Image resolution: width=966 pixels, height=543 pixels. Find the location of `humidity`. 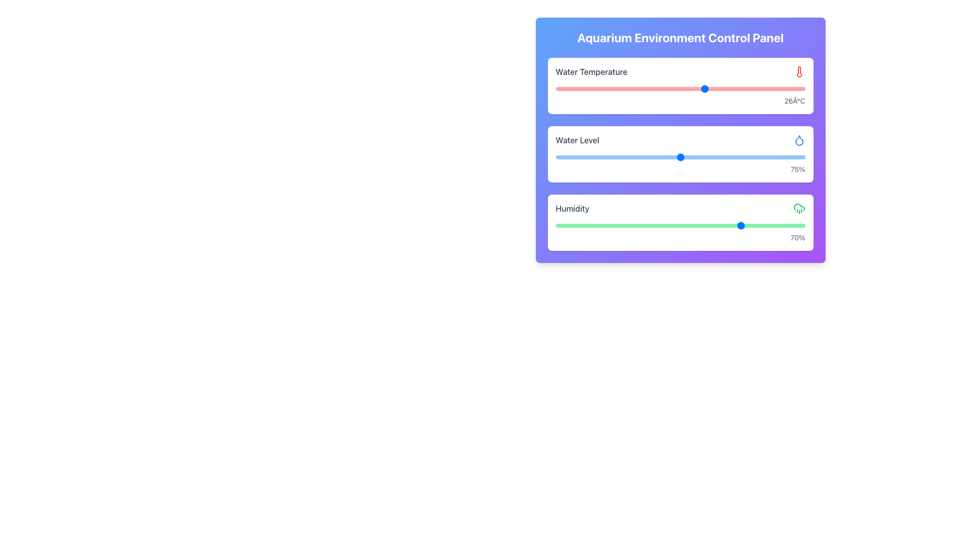

humidity is located at coordinates (593, 225).